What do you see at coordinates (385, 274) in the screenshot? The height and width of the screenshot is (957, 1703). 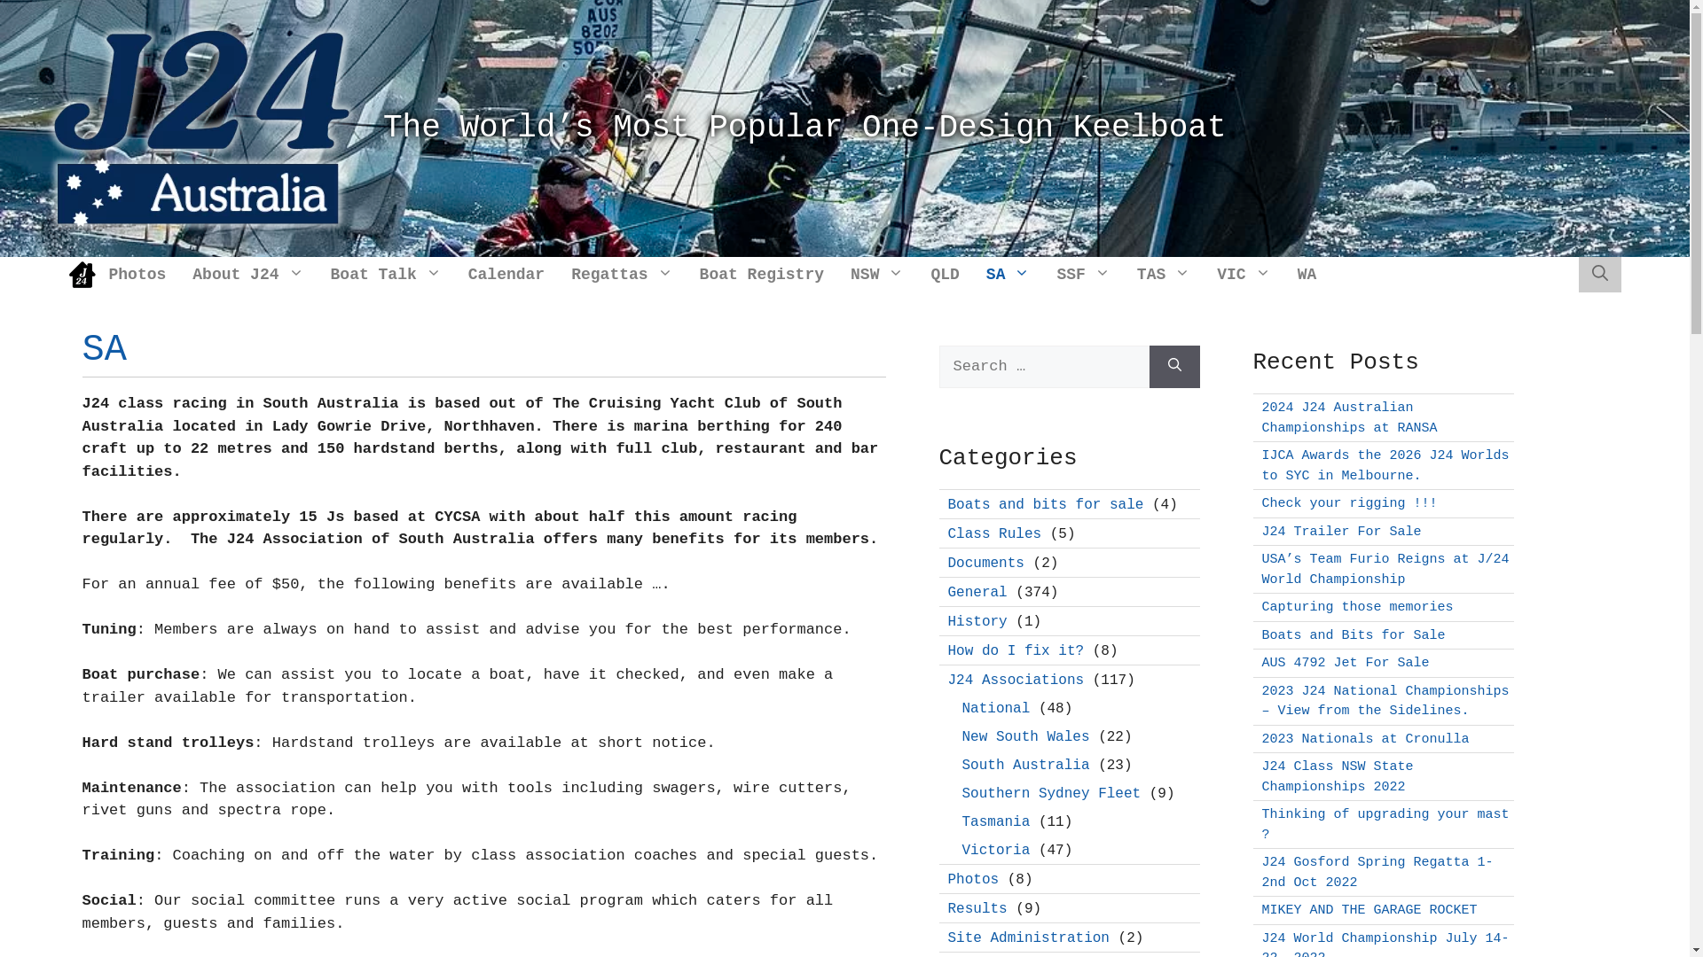 I see `'Boat Talk'` at bounding box center [385, 274].